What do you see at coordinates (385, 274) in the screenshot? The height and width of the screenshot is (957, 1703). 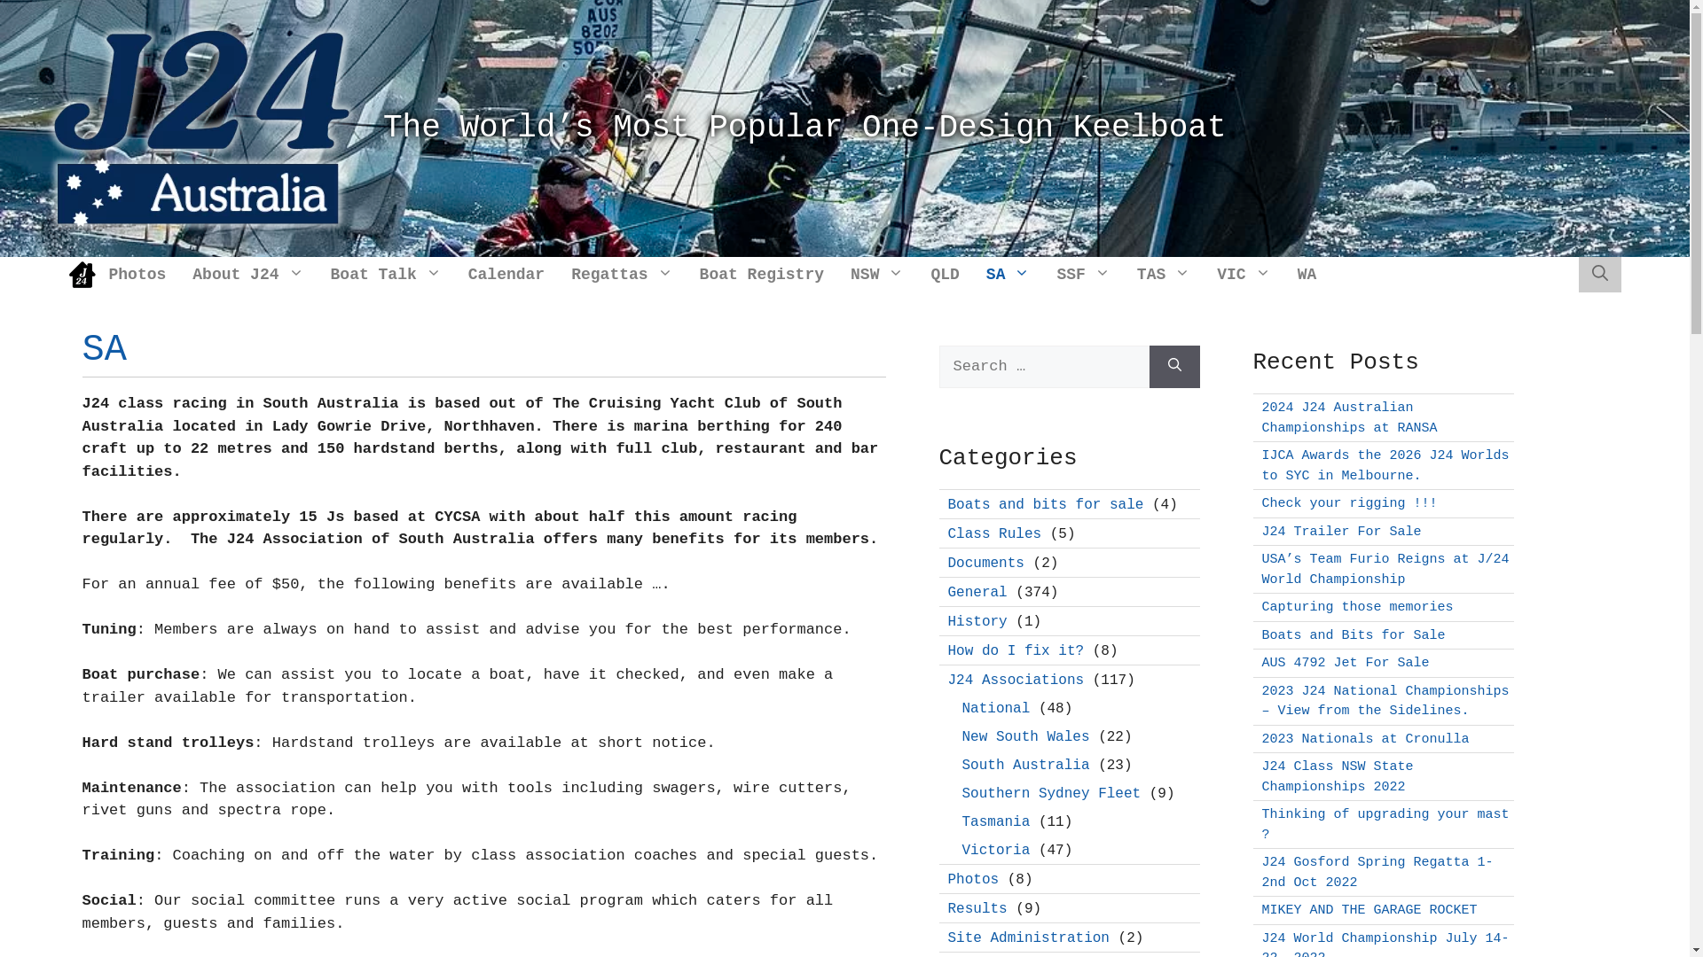 I see `'Boat Talk'` at bounding box center [385, 274].